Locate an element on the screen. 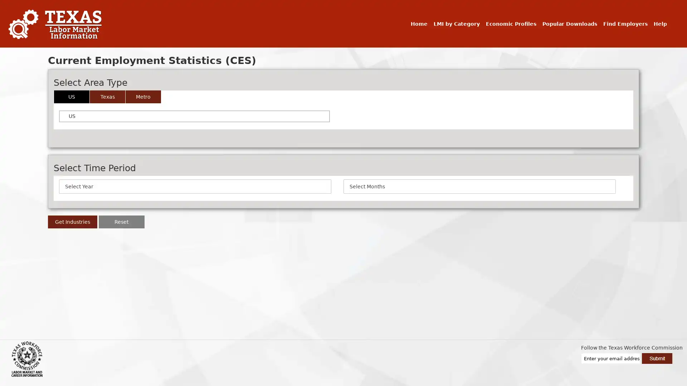 The width and height of the screenshot is (687, 386). Get Industries is located at coordinates (72, 222).